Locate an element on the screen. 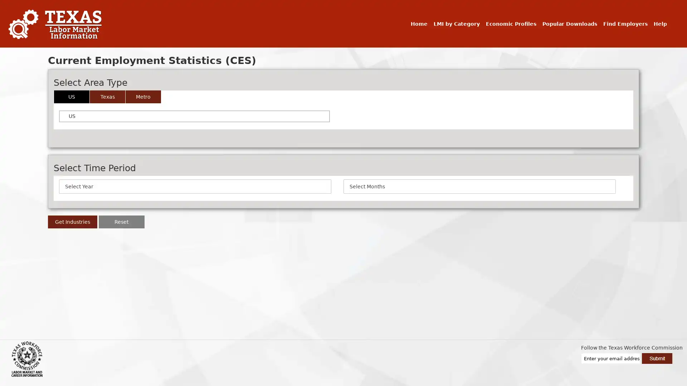 The width and height of the screenshot is (687, 386). Get Industries is located at coordinates (72, 222).